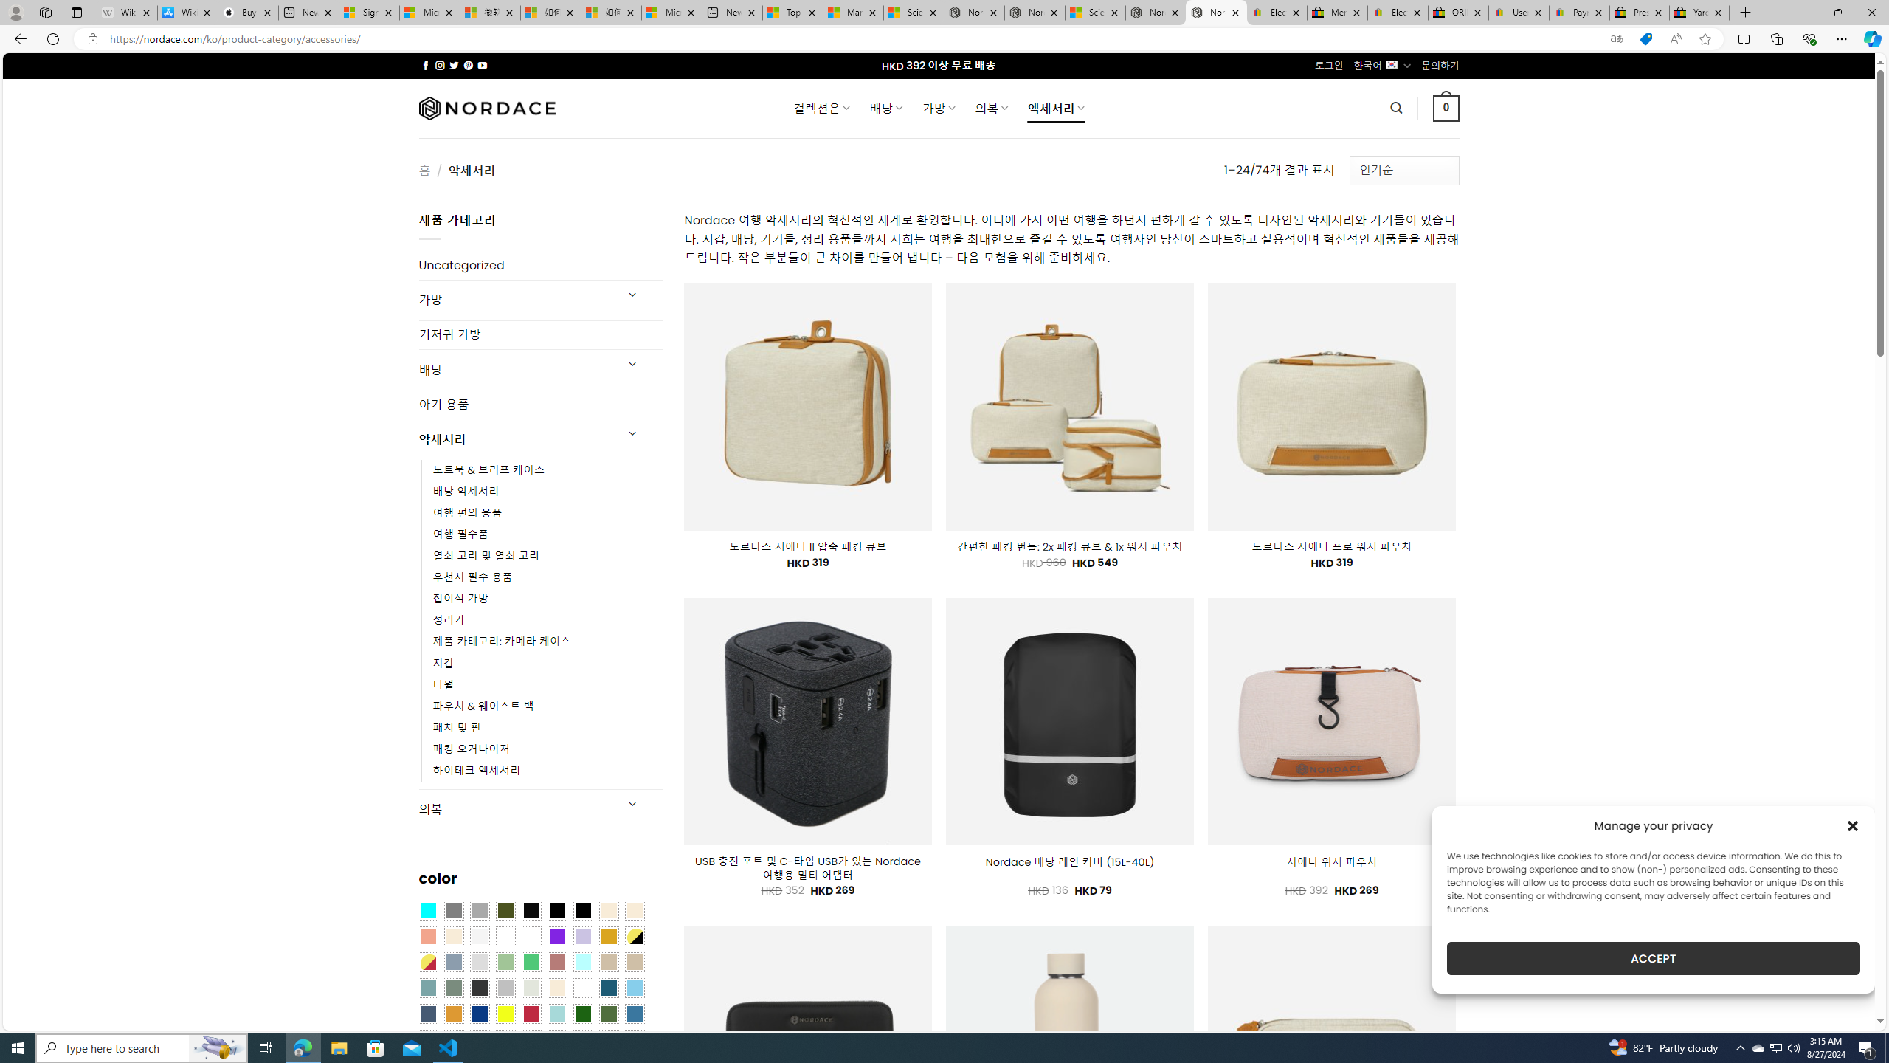  Describe the element at coordinates (791, 12) in the screenshot. I see `'Top Stories - MSN'` at that location.